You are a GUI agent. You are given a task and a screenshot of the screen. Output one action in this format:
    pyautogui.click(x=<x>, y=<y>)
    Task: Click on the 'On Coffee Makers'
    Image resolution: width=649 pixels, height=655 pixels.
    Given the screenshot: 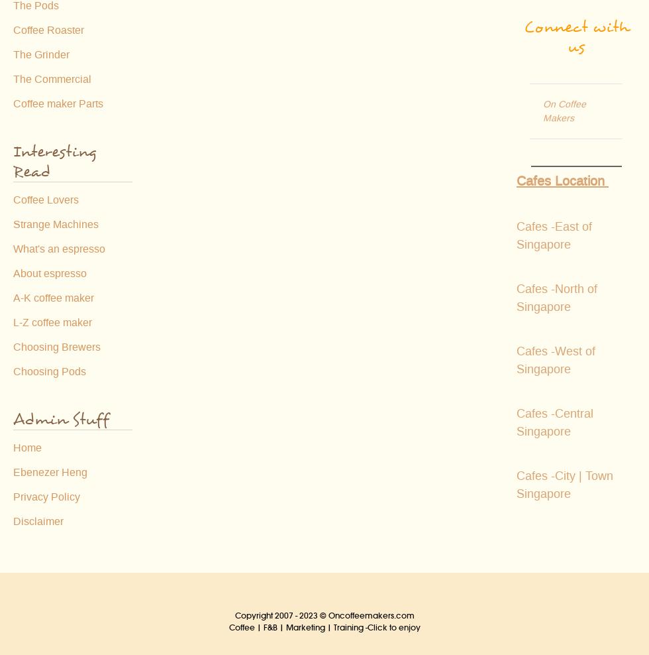 What is the action you would take?
    pyautogui.click(x=564, y=110)
    